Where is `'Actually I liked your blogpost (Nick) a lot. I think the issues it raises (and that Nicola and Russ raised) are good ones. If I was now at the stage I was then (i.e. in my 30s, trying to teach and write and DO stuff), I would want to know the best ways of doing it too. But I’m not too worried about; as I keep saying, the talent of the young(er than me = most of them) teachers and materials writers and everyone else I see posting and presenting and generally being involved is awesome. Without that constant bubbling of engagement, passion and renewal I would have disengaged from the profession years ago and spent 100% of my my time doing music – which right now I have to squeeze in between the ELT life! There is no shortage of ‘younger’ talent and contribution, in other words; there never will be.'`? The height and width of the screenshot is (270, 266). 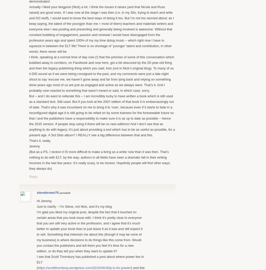
'Actually I liked your blogpost (Nick) a lot. I think the issues it raises (and that Nicola and Russ raised) are good ones. If I was now at the stage I was then (i.e. in my 30s, trying to teach and write and DO stuff), I would want to know the best ways of doing it too. But I’m not too worried about; as I keep saying, the talent of the young(er than me = most of them) teachers and materials writers and everyone else I see posting and presenting and generally being involved is awesome. Without that constant bubbling of engagement, passion and renewal I would have disengaged from the profession years ago and spent 100% of my my time doing music – which right now I have to squeeze in between the ELT life! There is no shortage of ‘younger’ talent and contribution, in other words; there never will be.' is located at coordinates (101, 29).